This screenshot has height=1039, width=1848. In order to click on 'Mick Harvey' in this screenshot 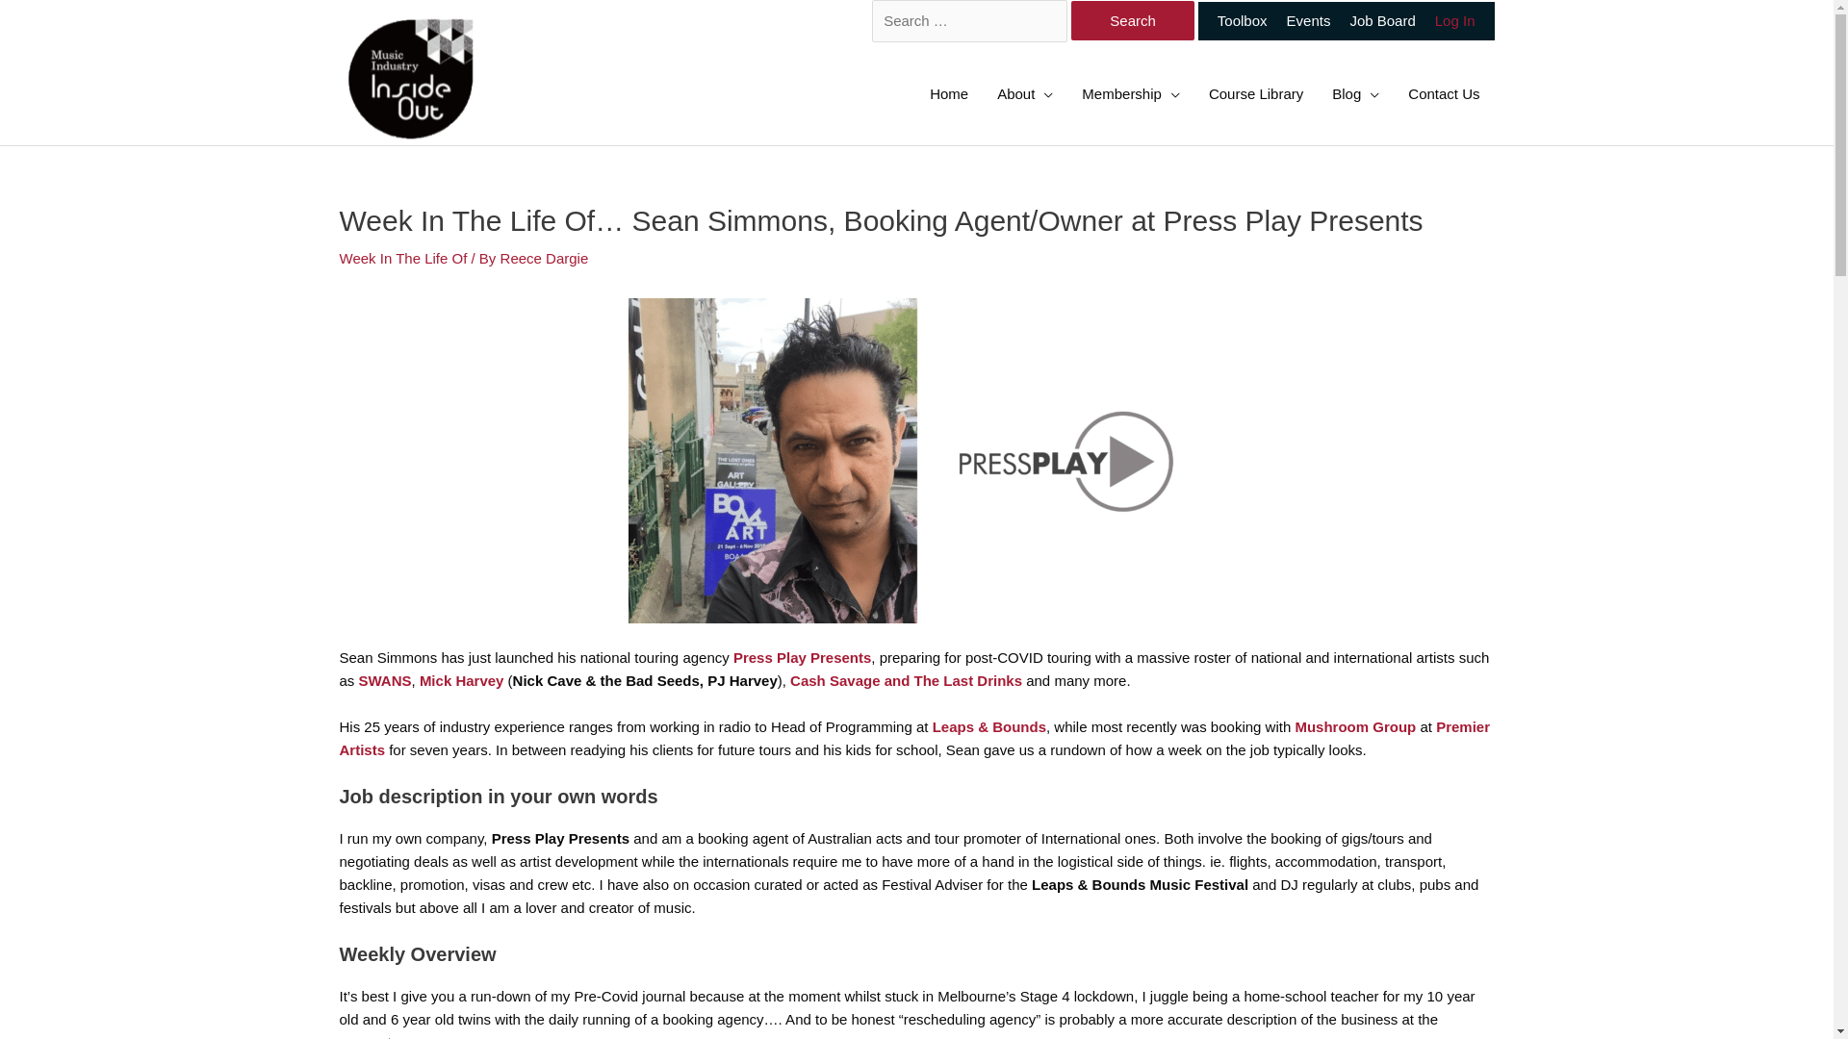, I will do `click(462, 679)`.